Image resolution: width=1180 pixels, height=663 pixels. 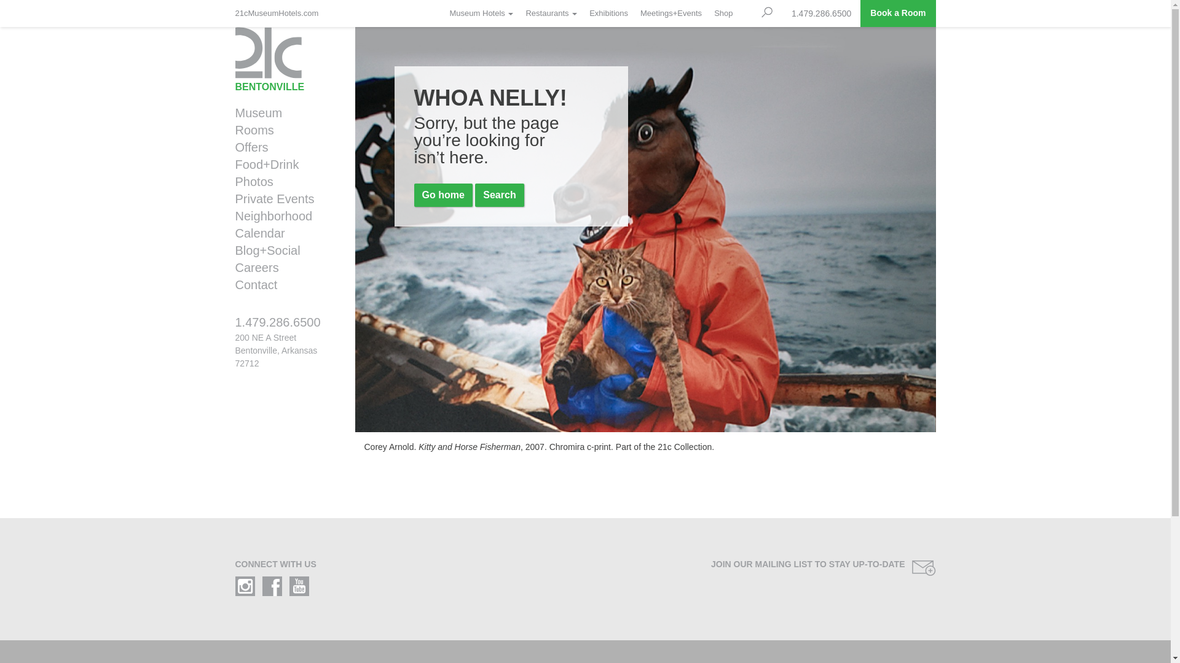 I want to click on 'Photos', so click(x=281, y=182).